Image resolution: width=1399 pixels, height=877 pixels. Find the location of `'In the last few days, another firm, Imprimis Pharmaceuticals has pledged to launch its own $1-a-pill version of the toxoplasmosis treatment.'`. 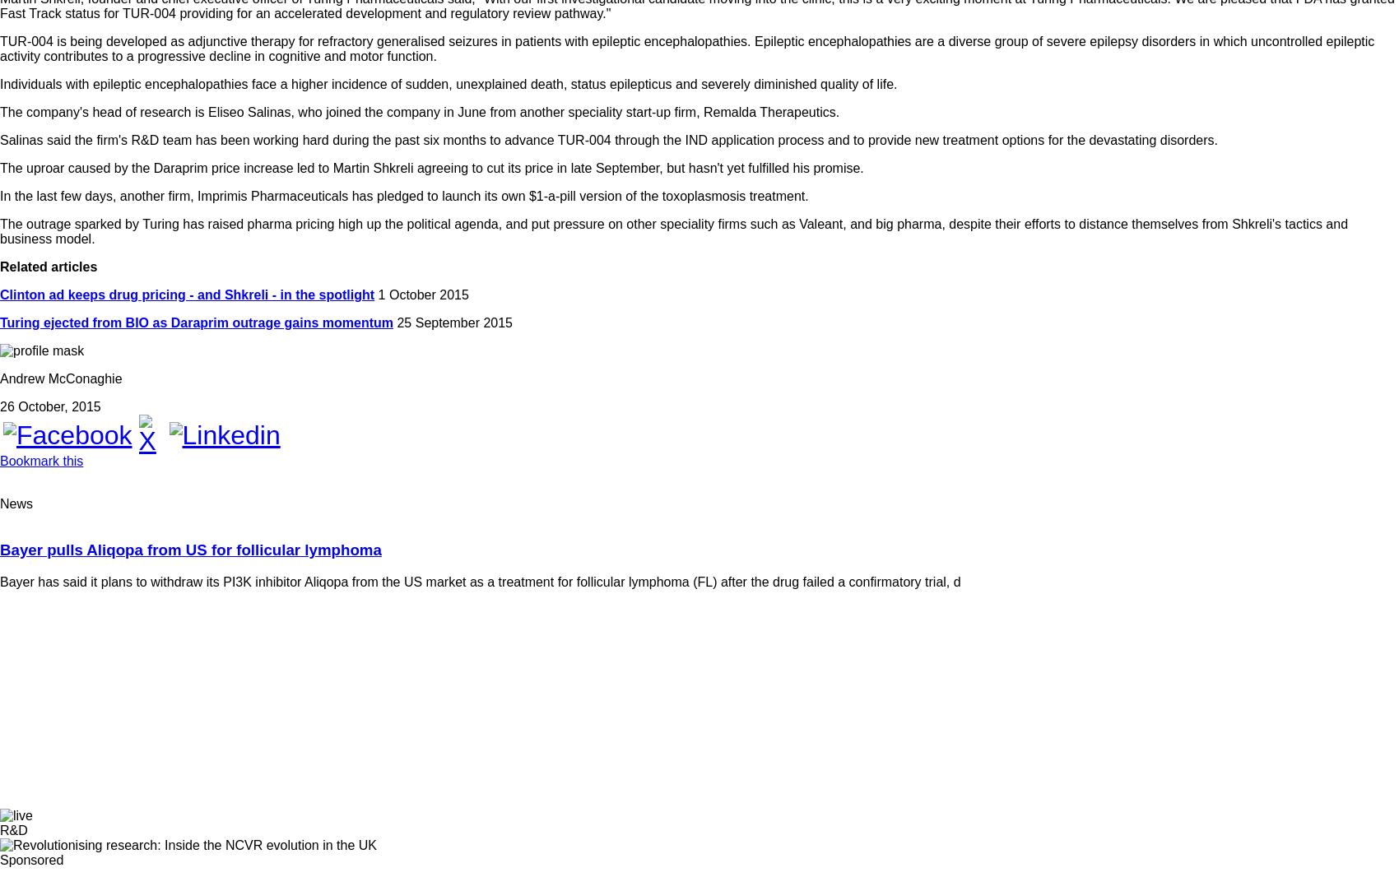

'In the last few days, another firm, Imprimis Pharmaceuticals has pledged to launch its own $1-a-pill version of the toxoplasmosis treatment.' is located at coordinates (403, 194).